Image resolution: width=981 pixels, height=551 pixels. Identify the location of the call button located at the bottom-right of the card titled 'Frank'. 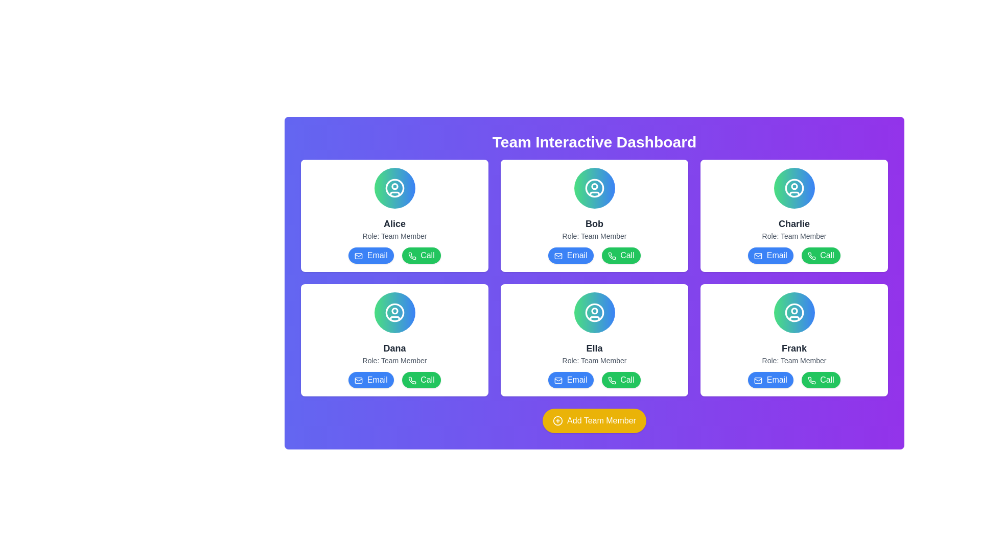
(811, 380).